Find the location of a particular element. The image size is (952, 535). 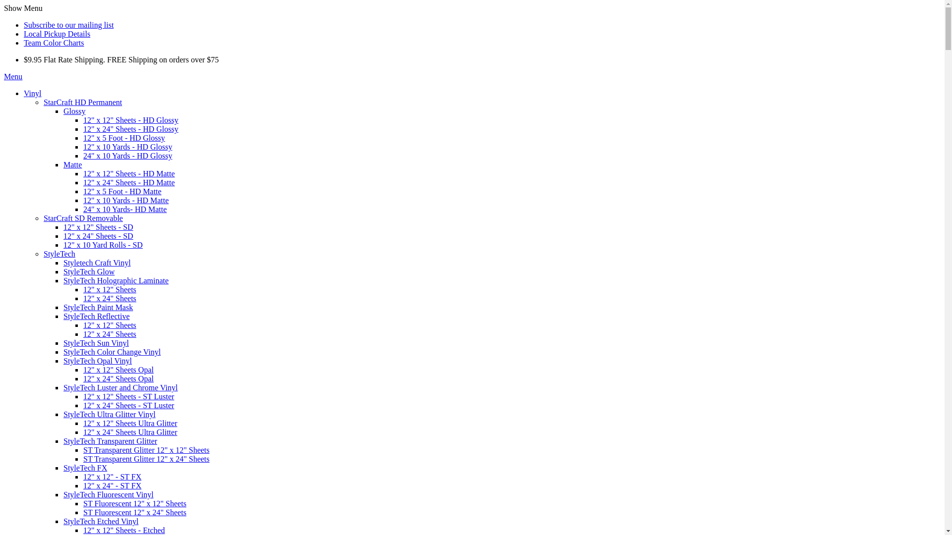

'StyleTech Transparent Glitter' is located at coordinates (110, 440).